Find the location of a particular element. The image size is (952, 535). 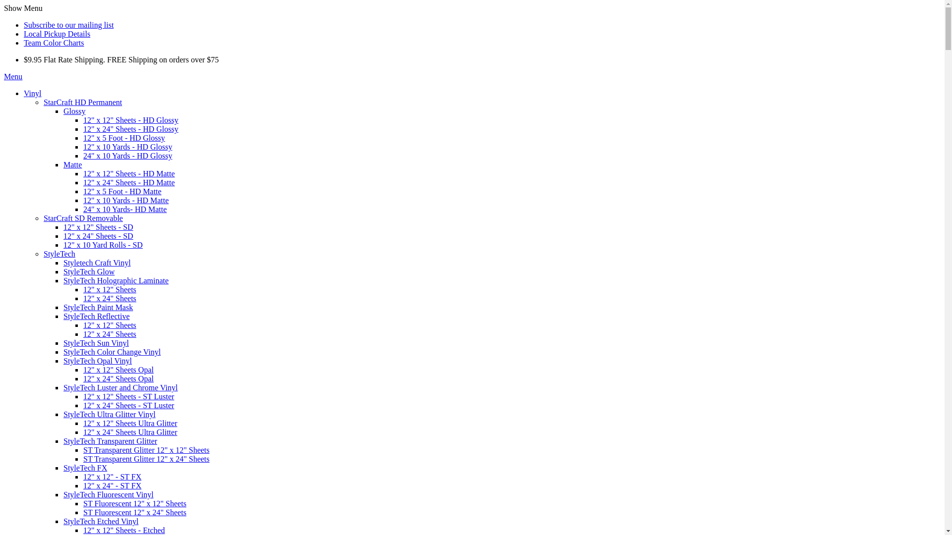

'StyleTech Transparent Glitter' is located at coordinates (110, 440).